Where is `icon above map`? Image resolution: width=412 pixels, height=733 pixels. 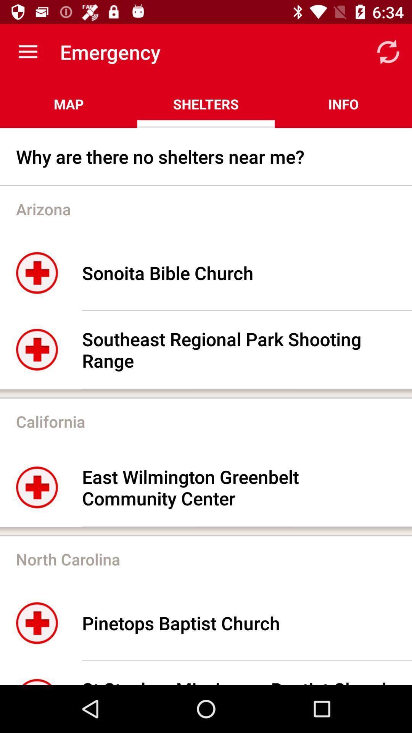
icon above map is located at coordinates (27, 52).